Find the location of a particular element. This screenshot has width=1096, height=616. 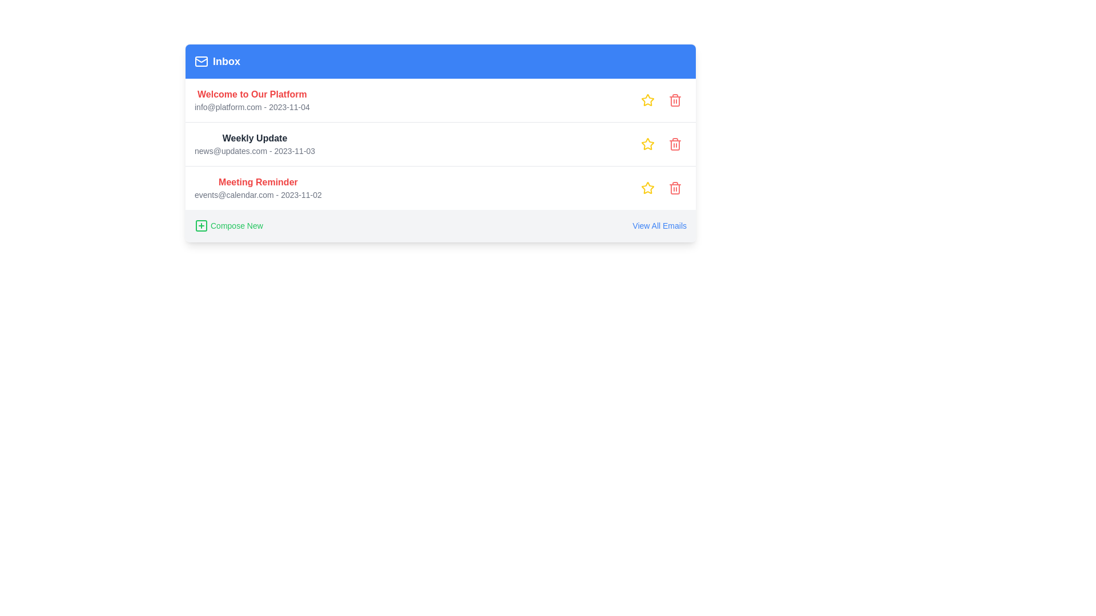

the second star icon to the right of the email titled 'Weekly Update' is located at coordinates (647, 143).